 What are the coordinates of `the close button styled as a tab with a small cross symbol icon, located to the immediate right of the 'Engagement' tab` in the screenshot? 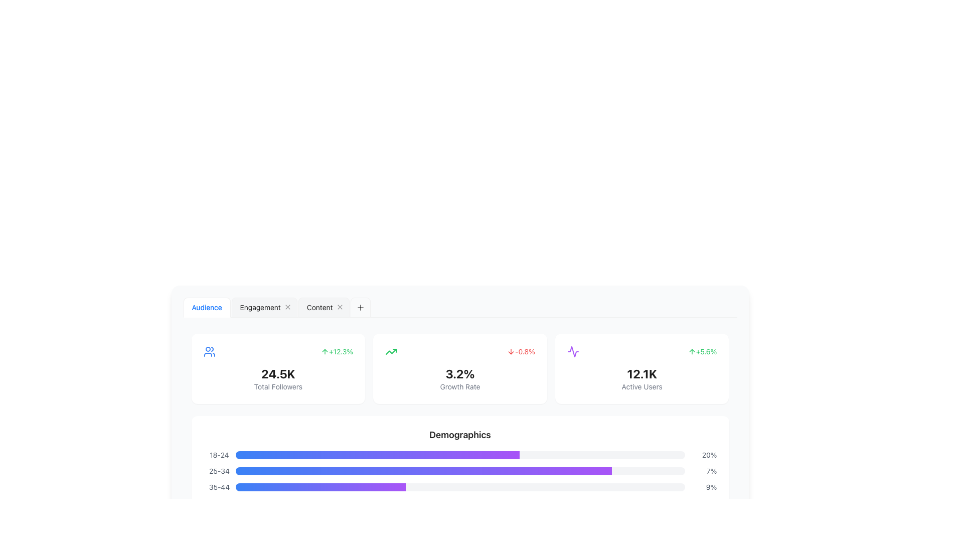 It's located at (287, 307).